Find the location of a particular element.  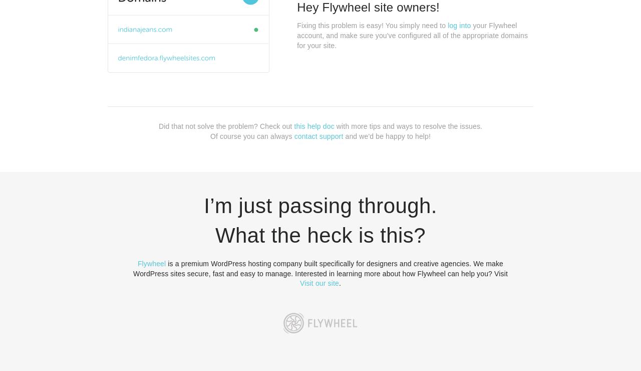

'Of course you can always' is located at coordinates (252, 135).